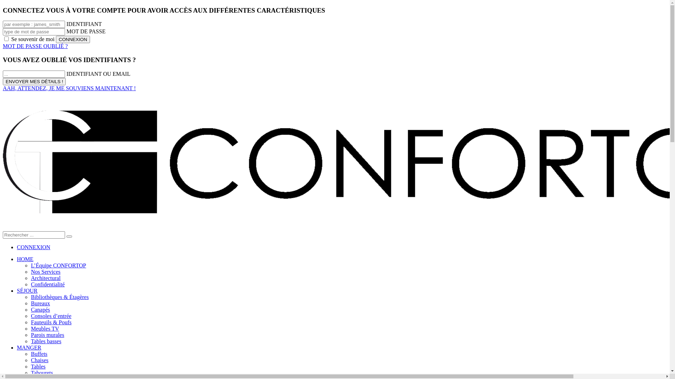 The width and height of the screenshot is (675, 379). What do you see at coordinates (28, 347) in the screenshot?
I see `'MANGER'` at bounding box center [28, 347].